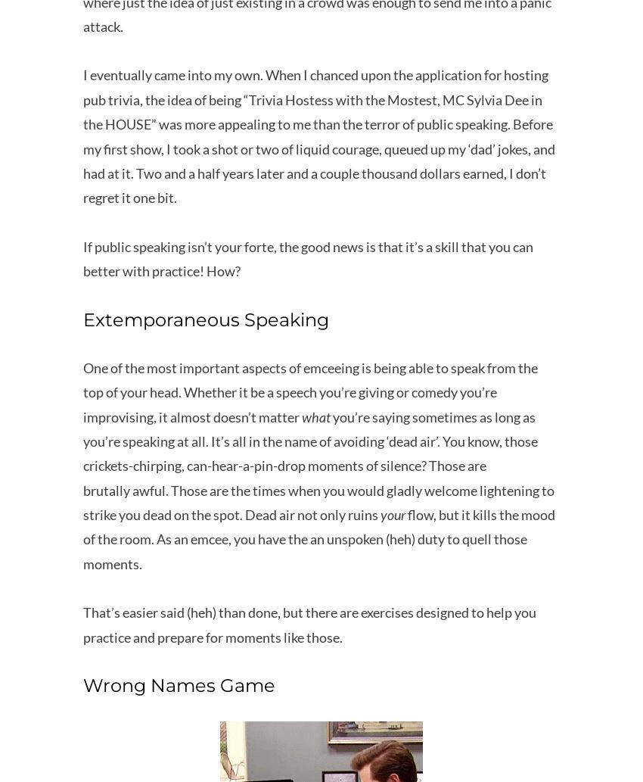  Describe the element at coordinates (316, 415) in the screenshot. I see `'what'` at that location.